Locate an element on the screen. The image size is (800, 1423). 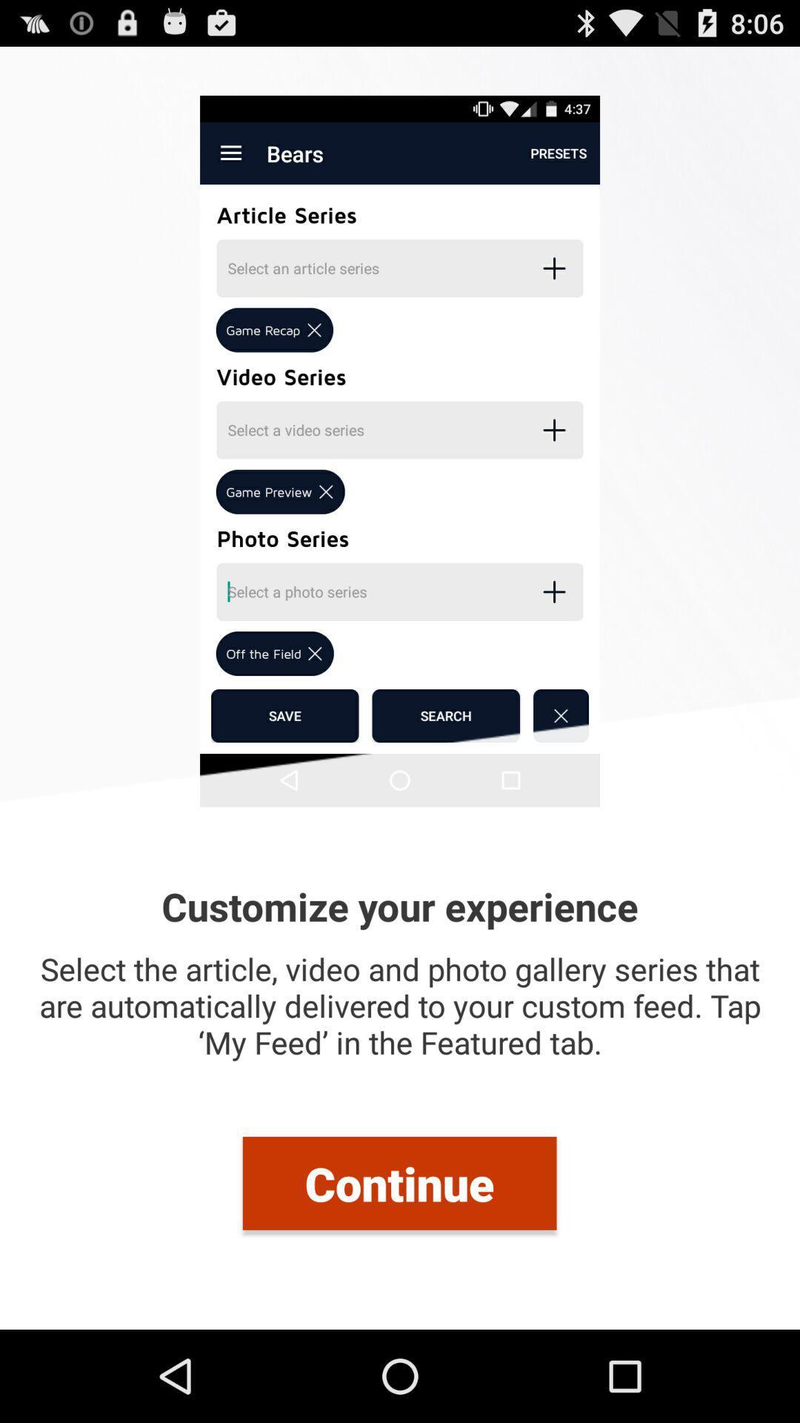
the item below select the article icon is located at coordinates (399, 1182).